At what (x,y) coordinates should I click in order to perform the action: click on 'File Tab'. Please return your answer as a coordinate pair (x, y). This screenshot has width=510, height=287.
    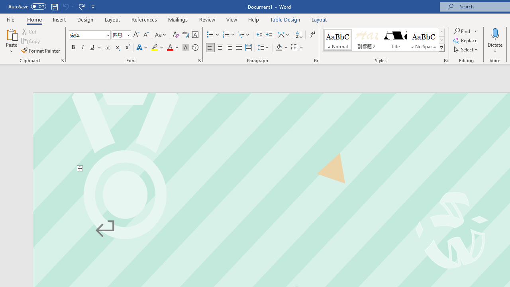
    Looking at the image, I should click on (10, 19).